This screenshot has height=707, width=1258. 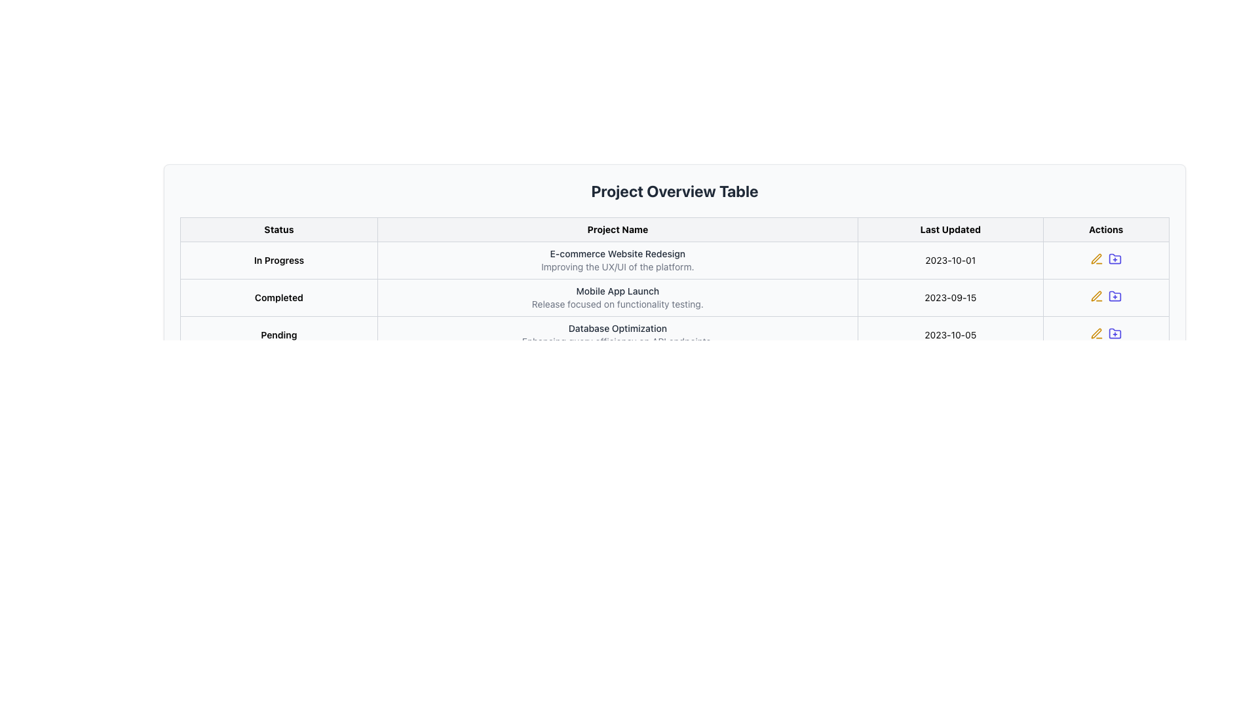 I want to click on the indigo folder icon with a plus sign in the 'Actions' column of the 'Completed' row, so click(x=1115, y=295).